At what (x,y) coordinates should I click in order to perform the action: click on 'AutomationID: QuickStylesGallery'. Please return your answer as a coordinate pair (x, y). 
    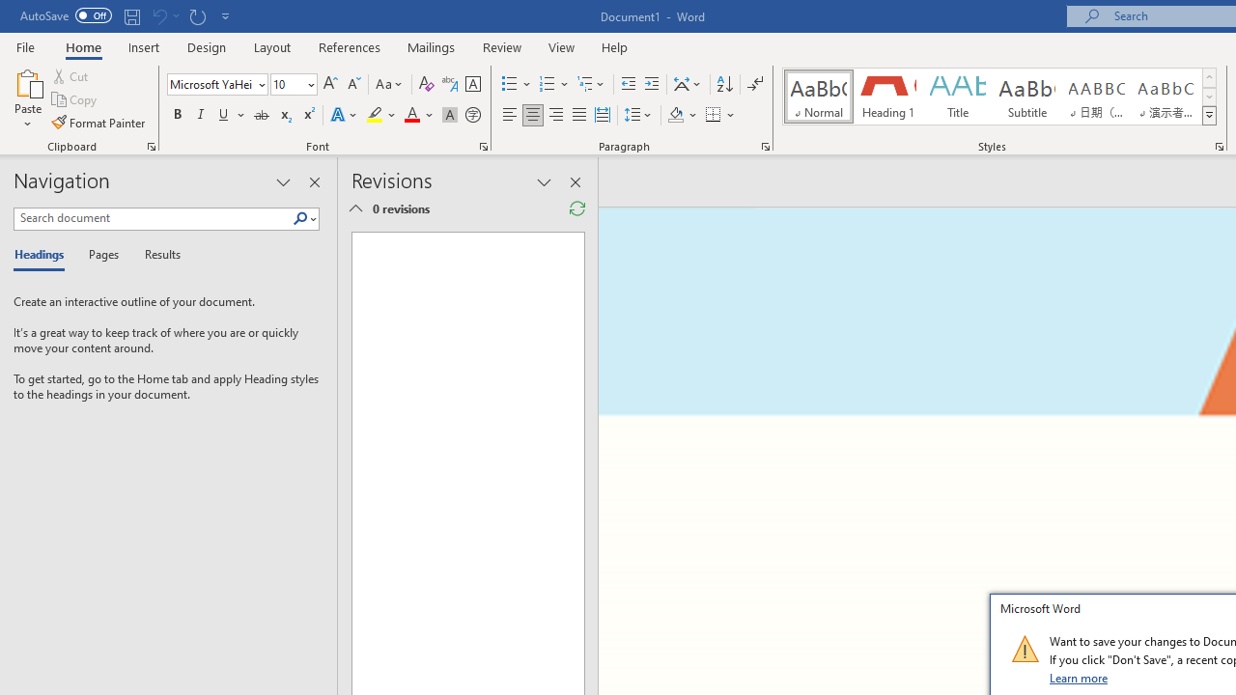
    Looking at the image, I should click on (1000, 97).